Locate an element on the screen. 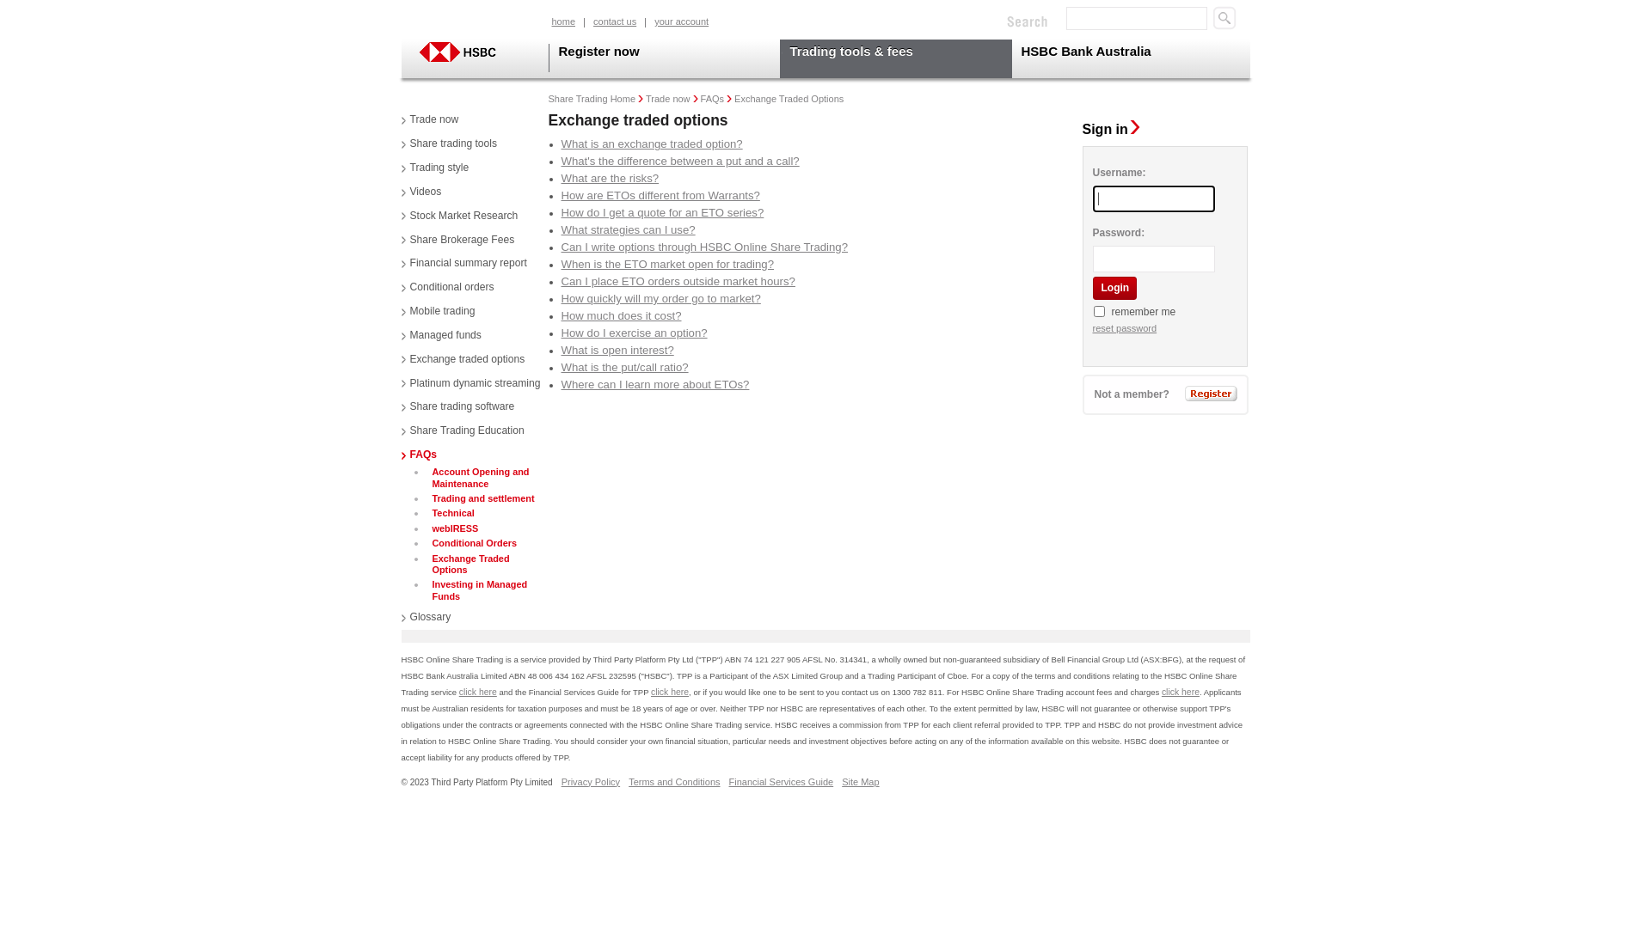 The height and width of the screenshot is (928, 1651). 'What strategies can I use?' is located at coordinates (626, 229).